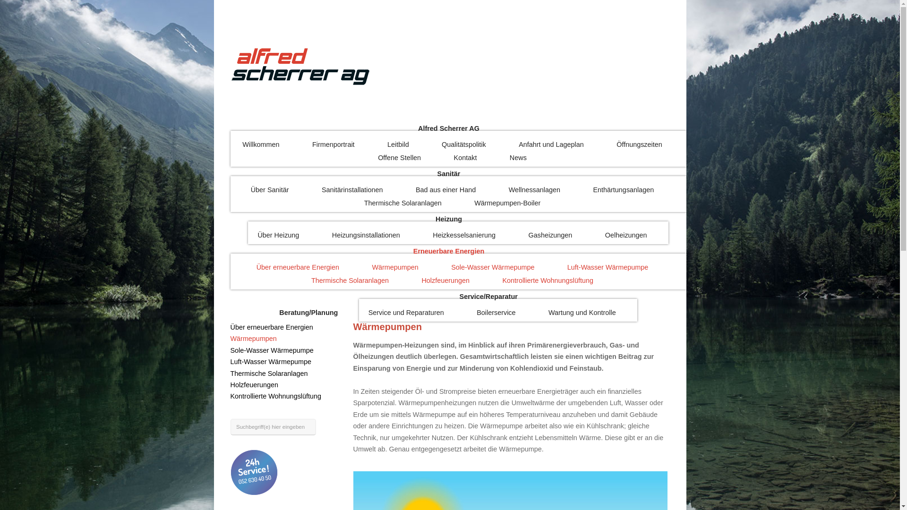 The image size is (907, 510). I want to click on 'Gasheizungen', so click(528, 237).